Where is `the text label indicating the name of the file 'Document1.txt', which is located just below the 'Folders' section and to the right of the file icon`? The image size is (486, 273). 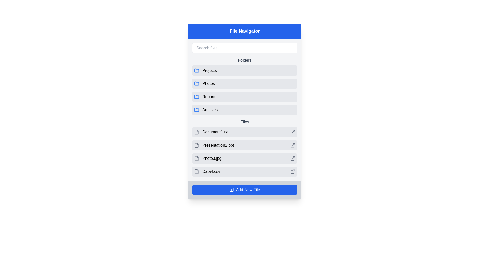
the text label indicating the name of the file 'Document1.txt', which is located just below the 'Folders' section and to the right of the file icon is located at coordinates (215, 132).